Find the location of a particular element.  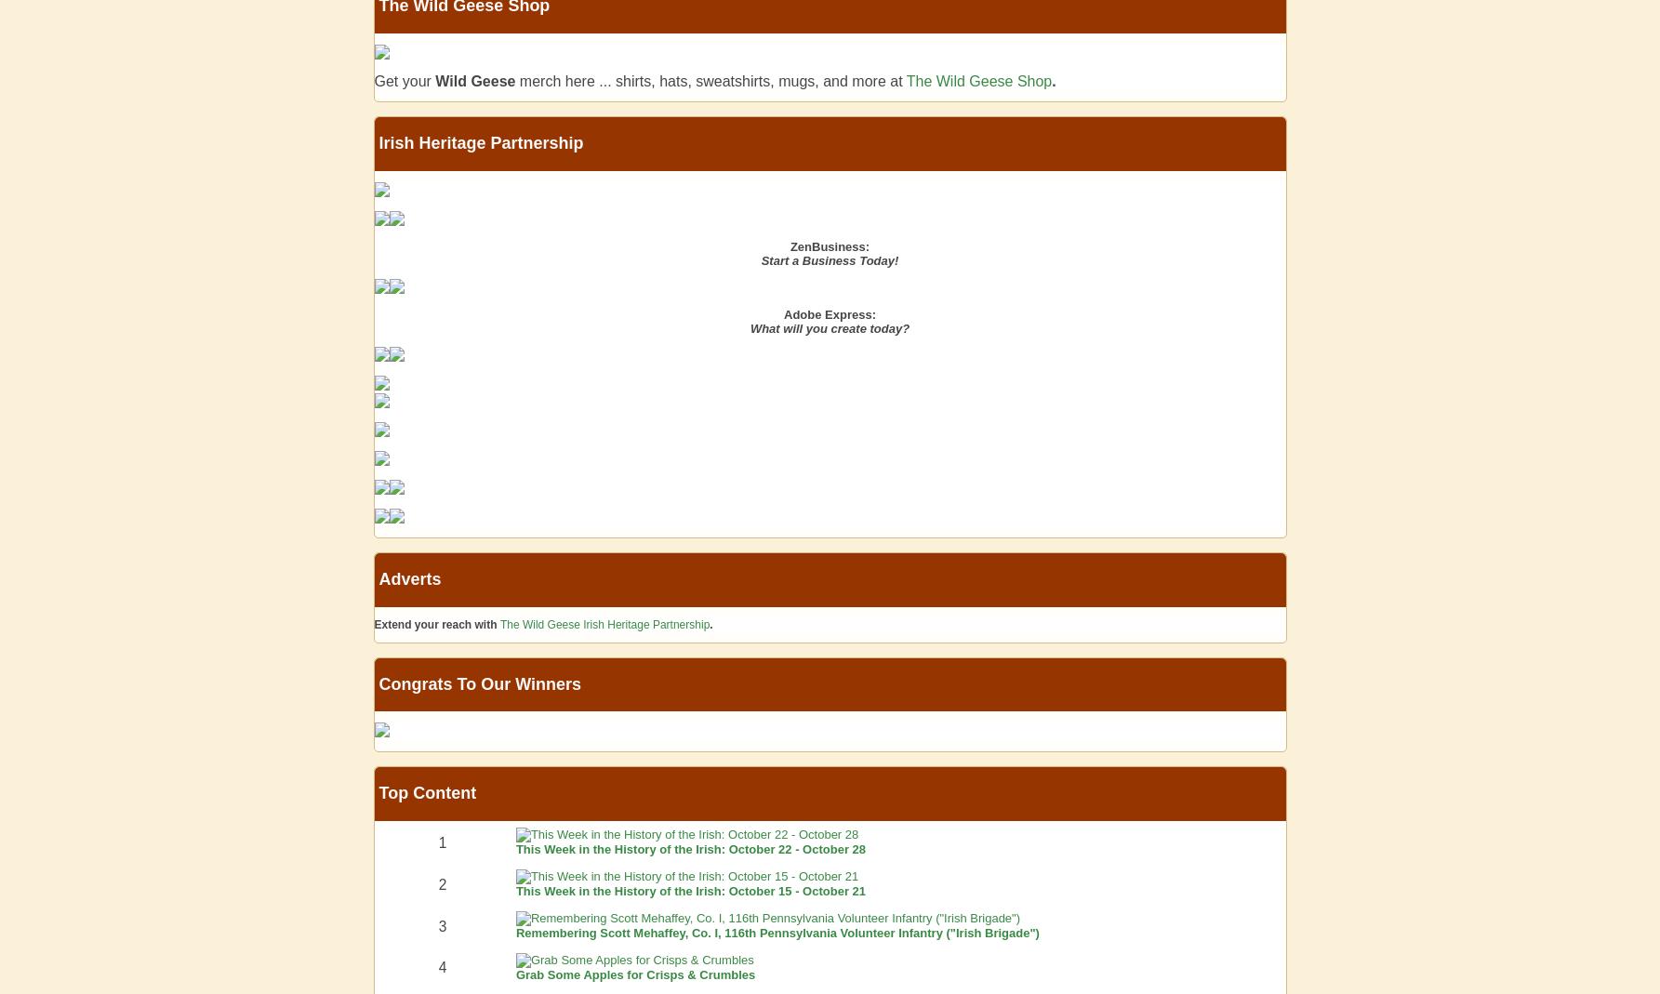

'The Wild Geese Shop' is located at coordinates (978, 79).